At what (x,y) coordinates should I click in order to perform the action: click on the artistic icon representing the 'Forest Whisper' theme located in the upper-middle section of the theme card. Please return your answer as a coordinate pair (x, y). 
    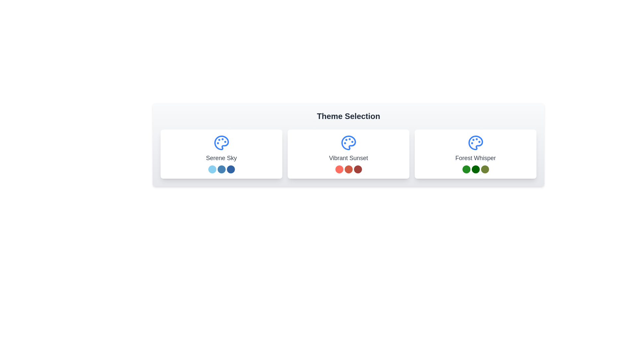
    Looking at the image, I should click on (475, 143).